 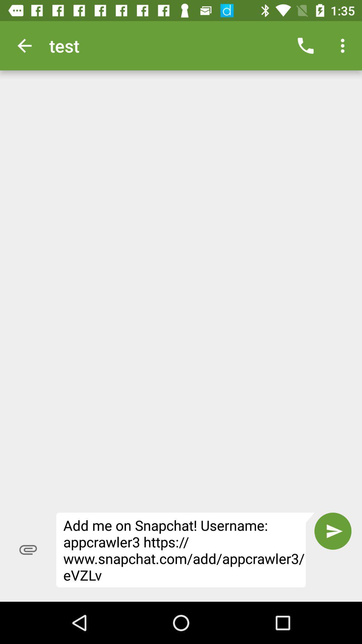 I want to click on the add me on, so click(x=185, y=550).